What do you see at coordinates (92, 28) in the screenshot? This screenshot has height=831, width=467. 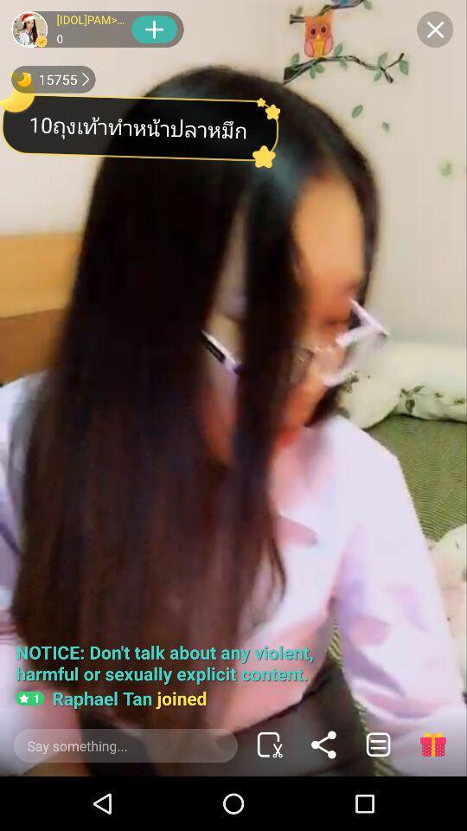 I see `the text which is left to the plus symbol` at bounding box center [92, 28].